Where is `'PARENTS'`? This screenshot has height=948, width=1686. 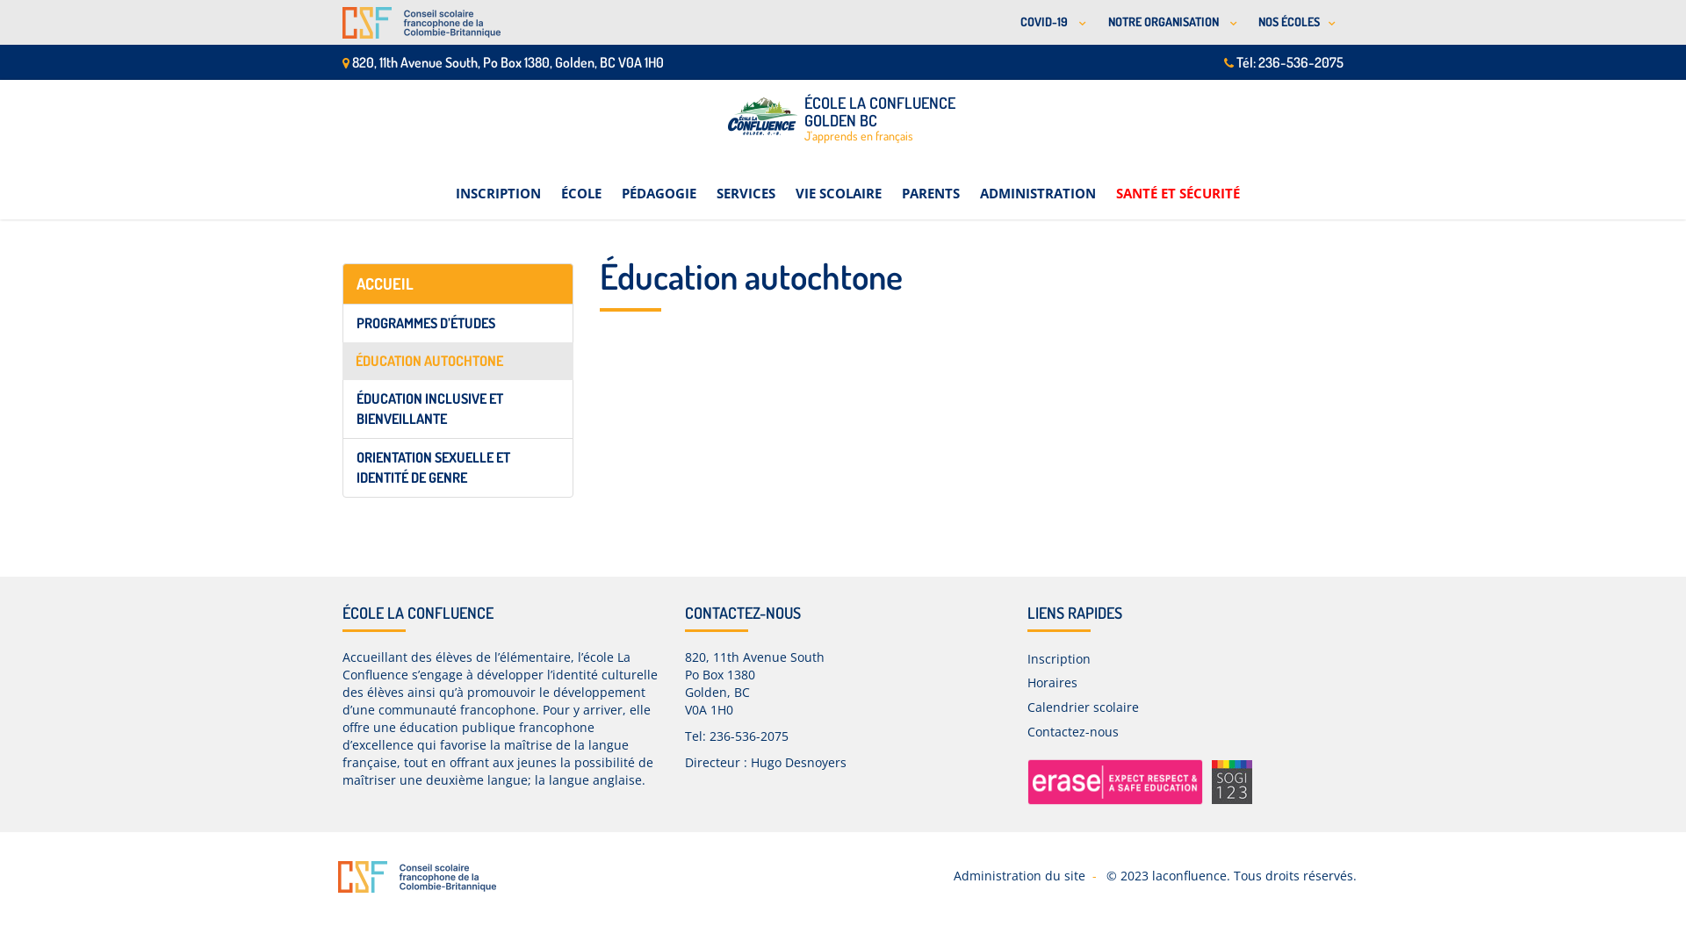
'PARENTS' is located at coordinates (929, 183).